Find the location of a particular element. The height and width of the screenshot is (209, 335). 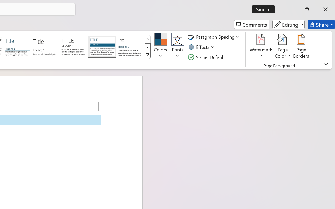

'Effects' is located at coordinates (202, 47).